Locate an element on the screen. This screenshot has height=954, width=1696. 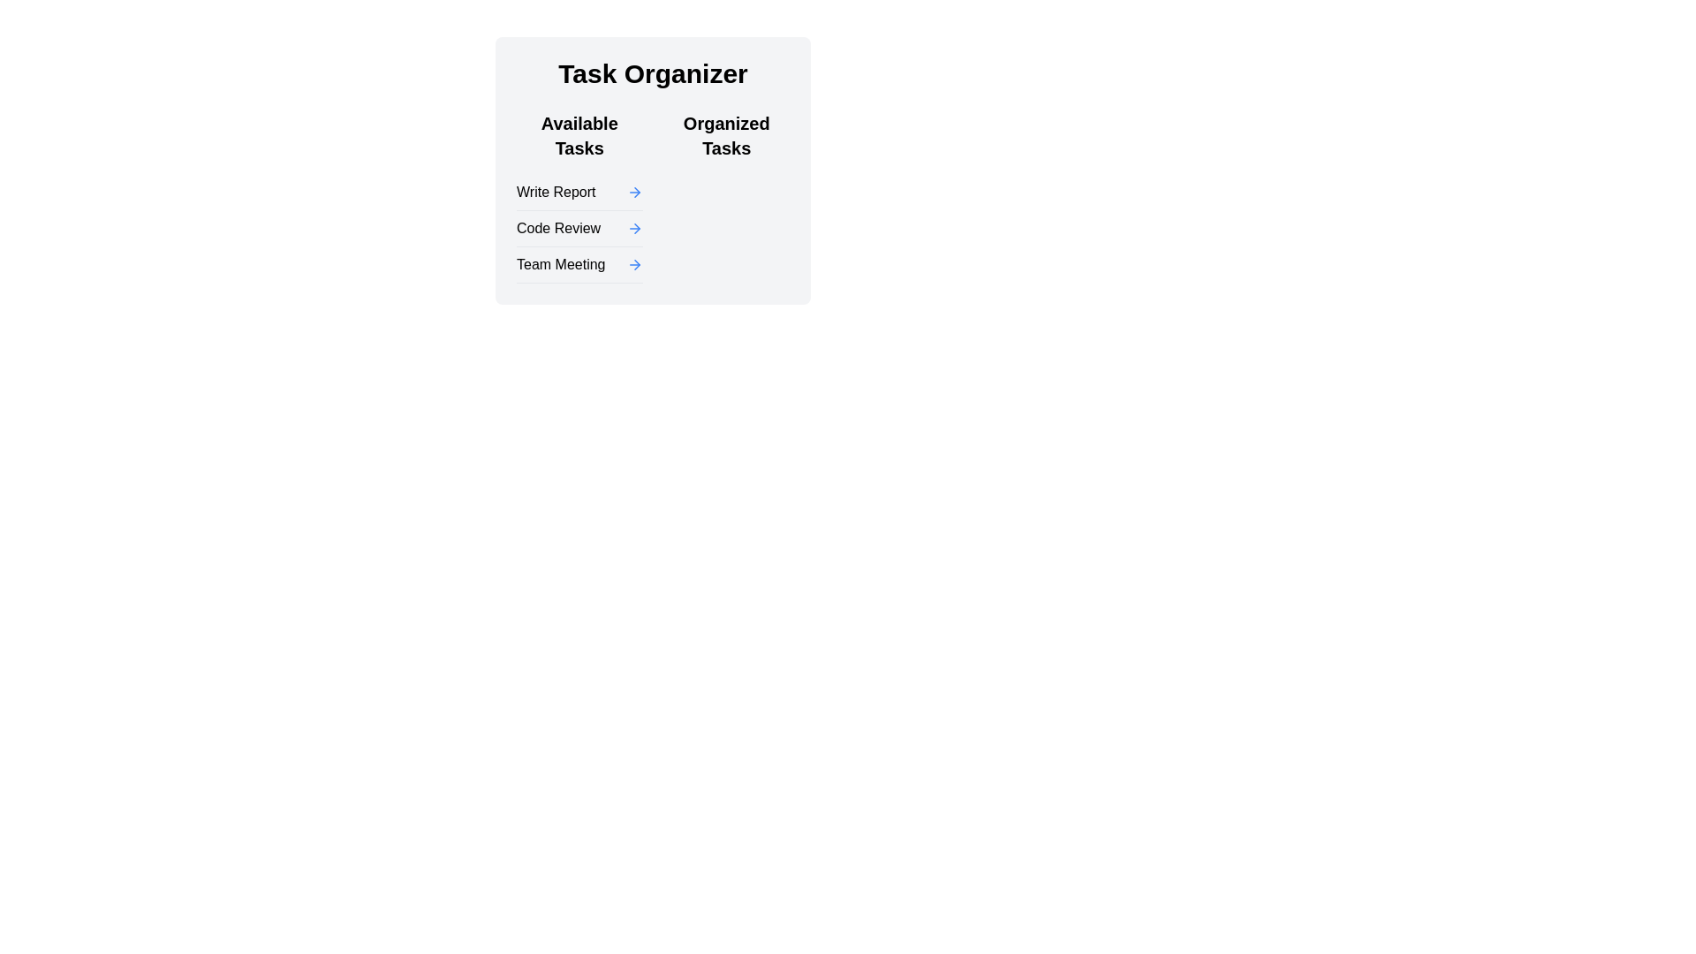
the icon located to the right of 'Team Meeting' in the bottom item of the vertical list under the 'Available Tasks' section is located at coordinates (634, 265).